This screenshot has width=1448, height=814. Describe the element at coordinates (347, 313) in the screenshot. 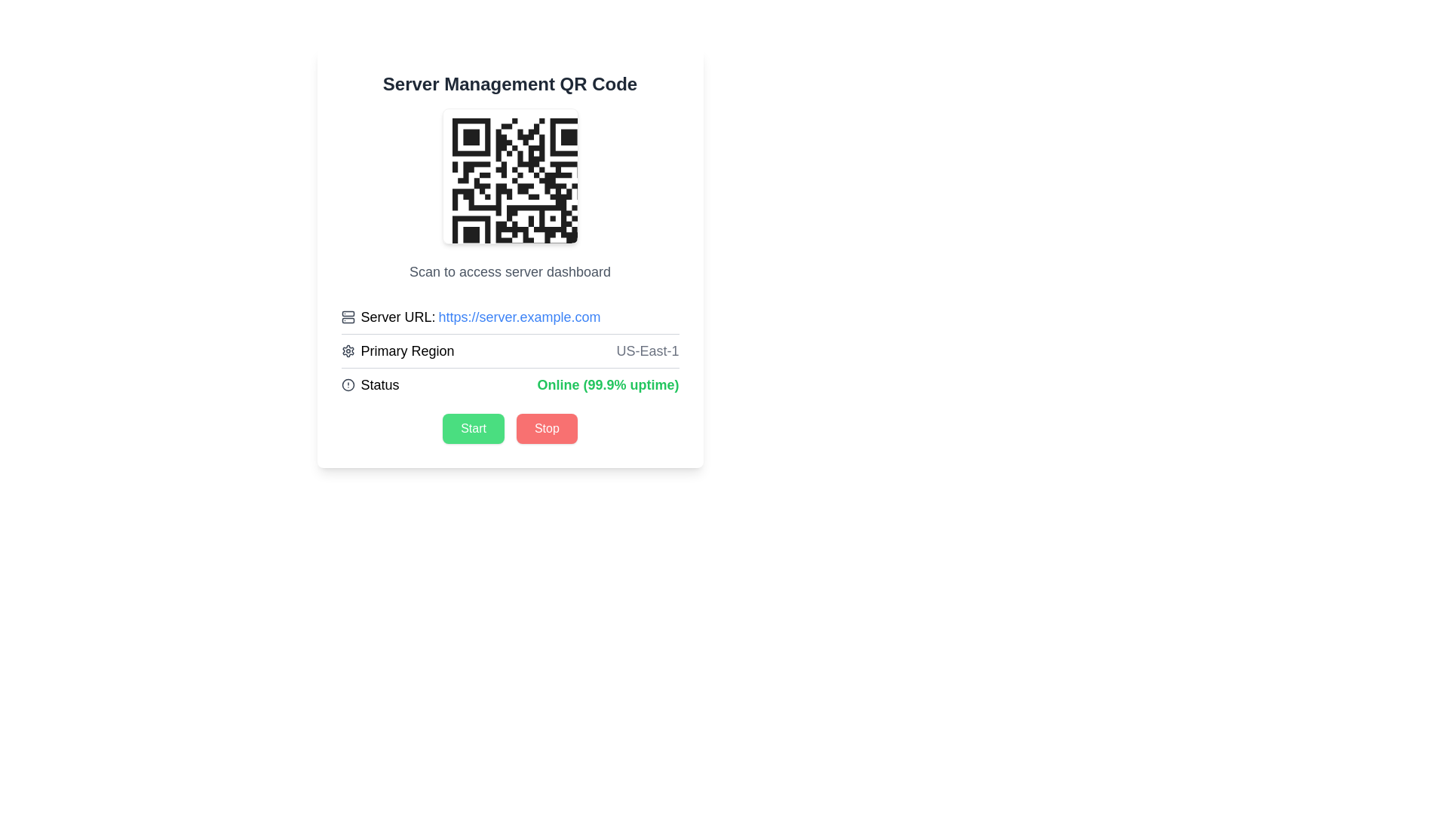

I see `the uppermost rectangular segment of the server icon, which is a small rectangular shape with rounded corners and a neutral fill` at that location.